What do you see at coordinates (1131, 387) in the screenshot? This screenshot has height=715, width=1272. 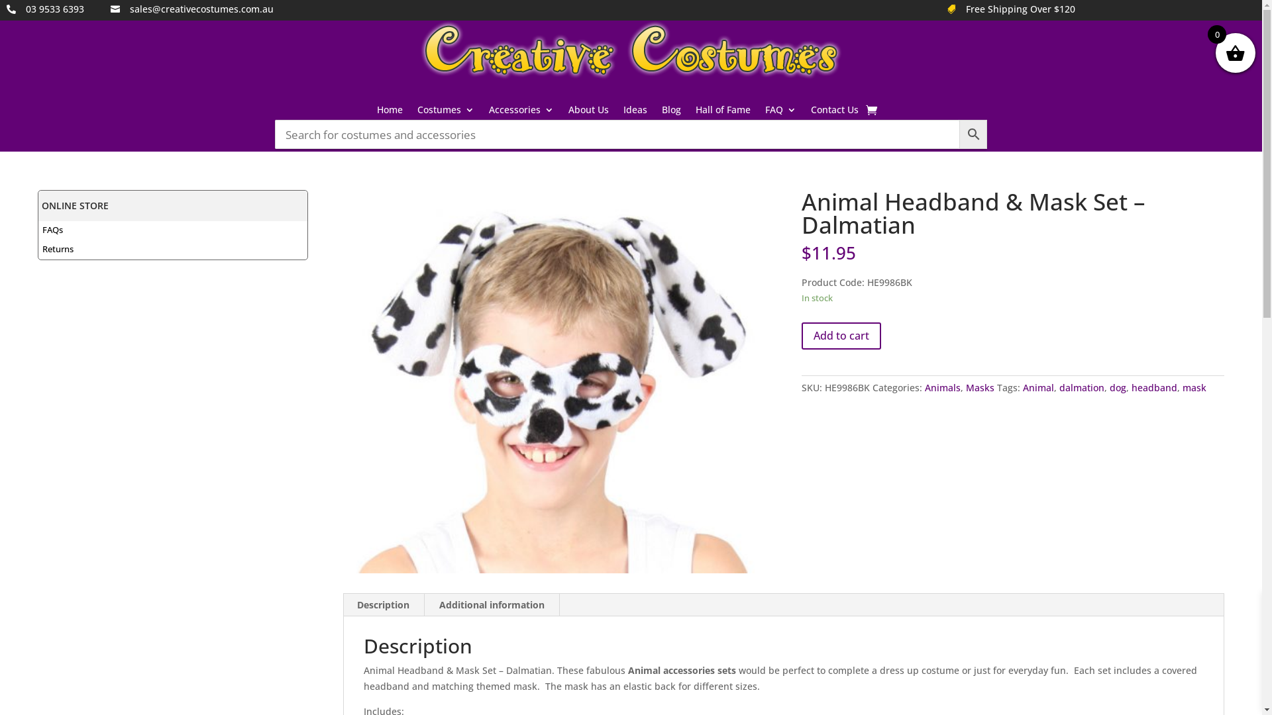 I see `'headband'` at bounding box center [1131, 387].